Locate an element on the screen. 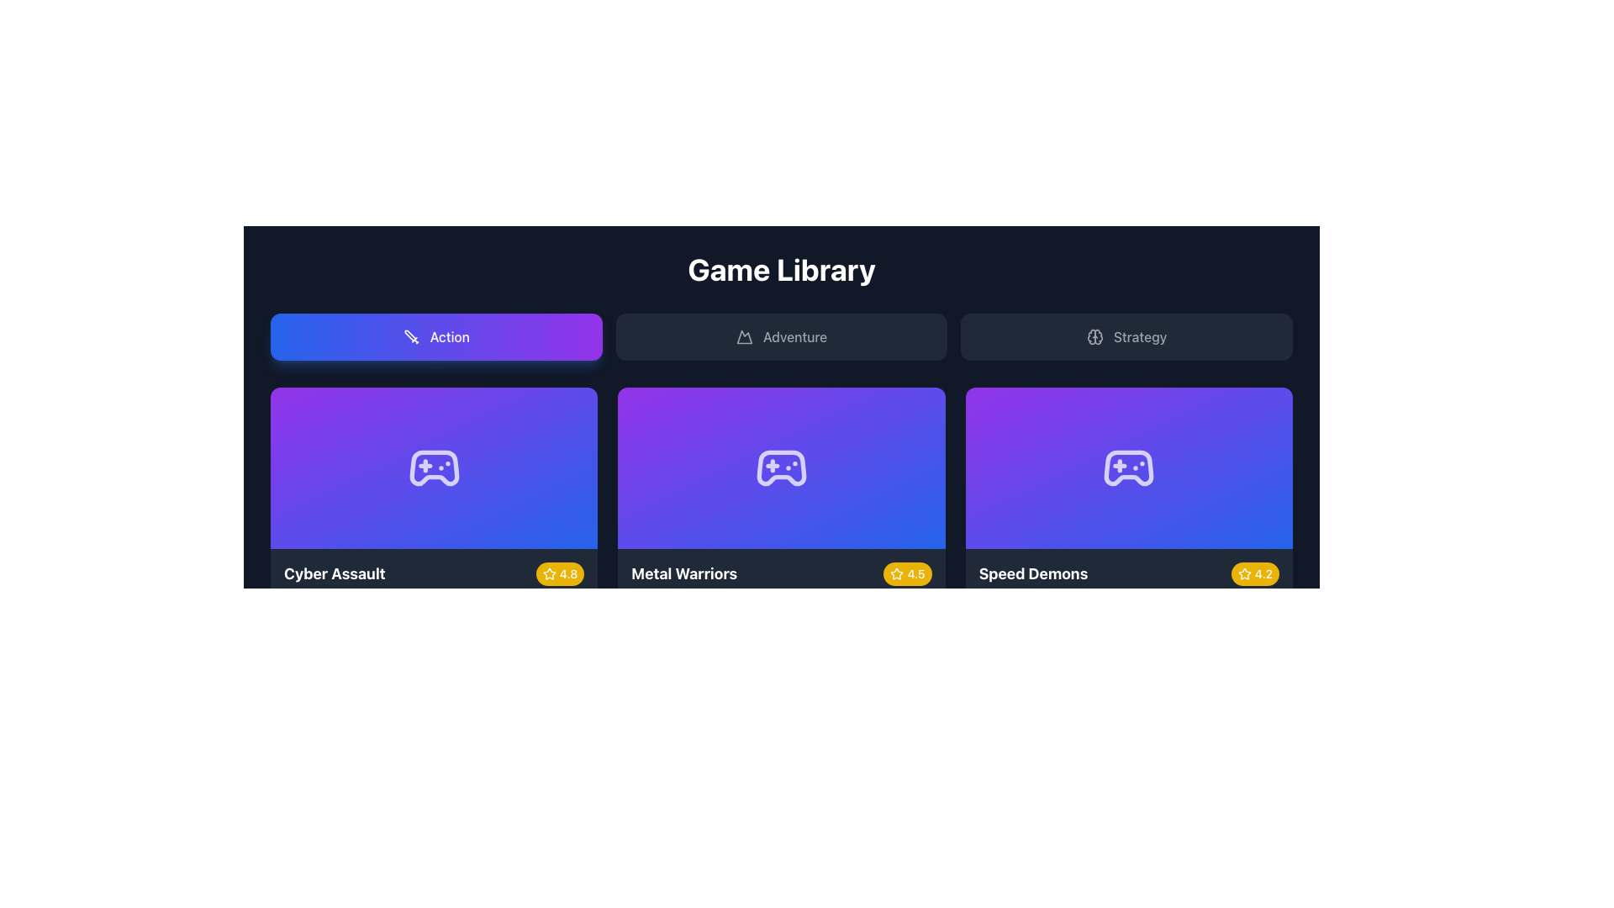 This screenshot has height=908, width=1614. the Rating badge that conveys the rating of the game 'Metal Warriors', located at the bottom-right section of the card labeled 'Metal Warriors' is located at coordinates (907, 573).